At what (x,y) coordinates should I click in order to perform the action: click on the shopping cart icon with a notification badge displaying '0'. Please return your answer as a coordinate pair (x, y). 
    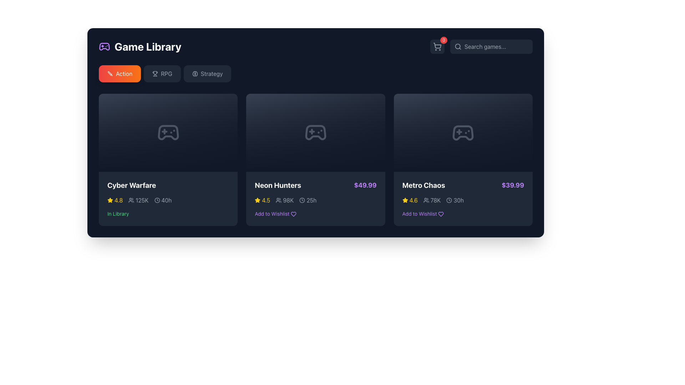
    Looking at the image, I should click on (437, 47).